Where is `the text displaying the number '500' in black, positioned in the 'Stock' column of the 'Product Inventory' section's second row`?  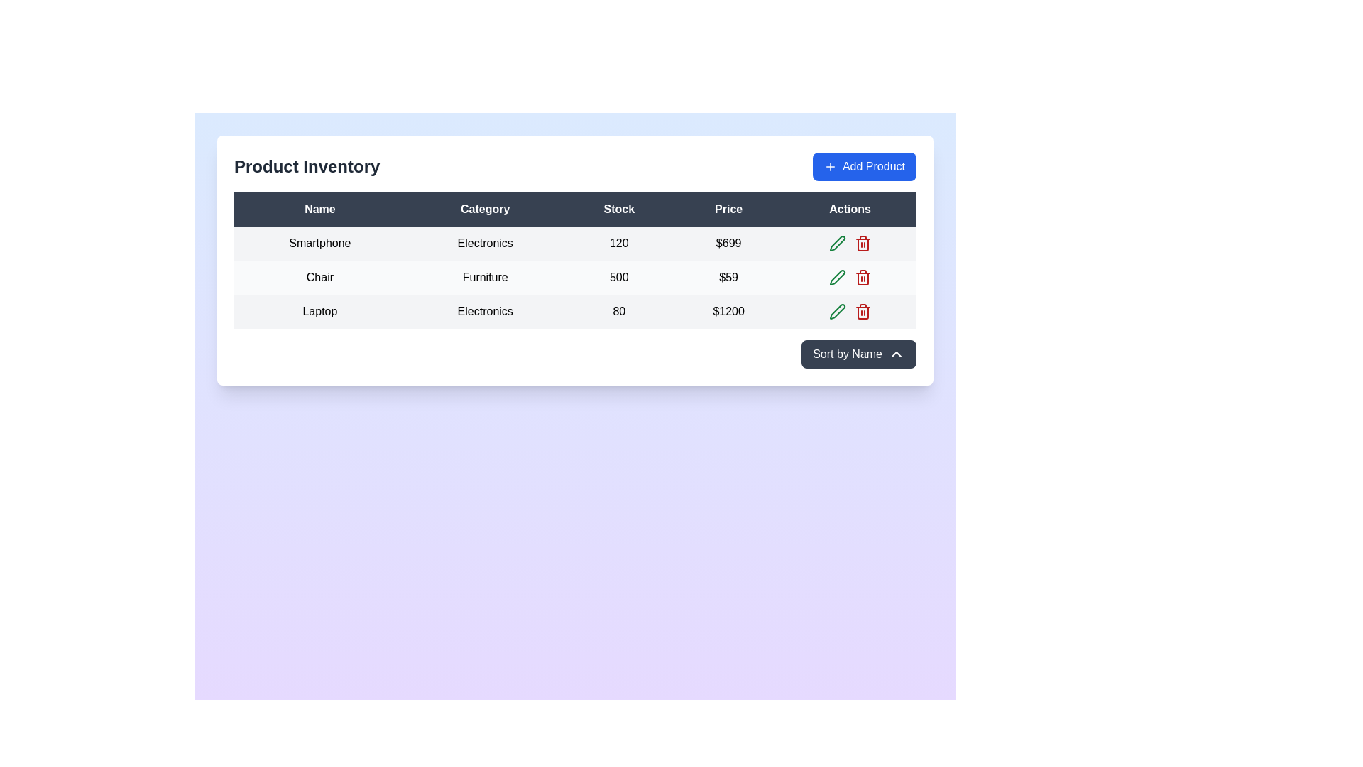
the text displaying the number '500' in black, positioned in the 'Stock' column of the 'Product Inventory' section's second row is located at coordinates (619, 277).